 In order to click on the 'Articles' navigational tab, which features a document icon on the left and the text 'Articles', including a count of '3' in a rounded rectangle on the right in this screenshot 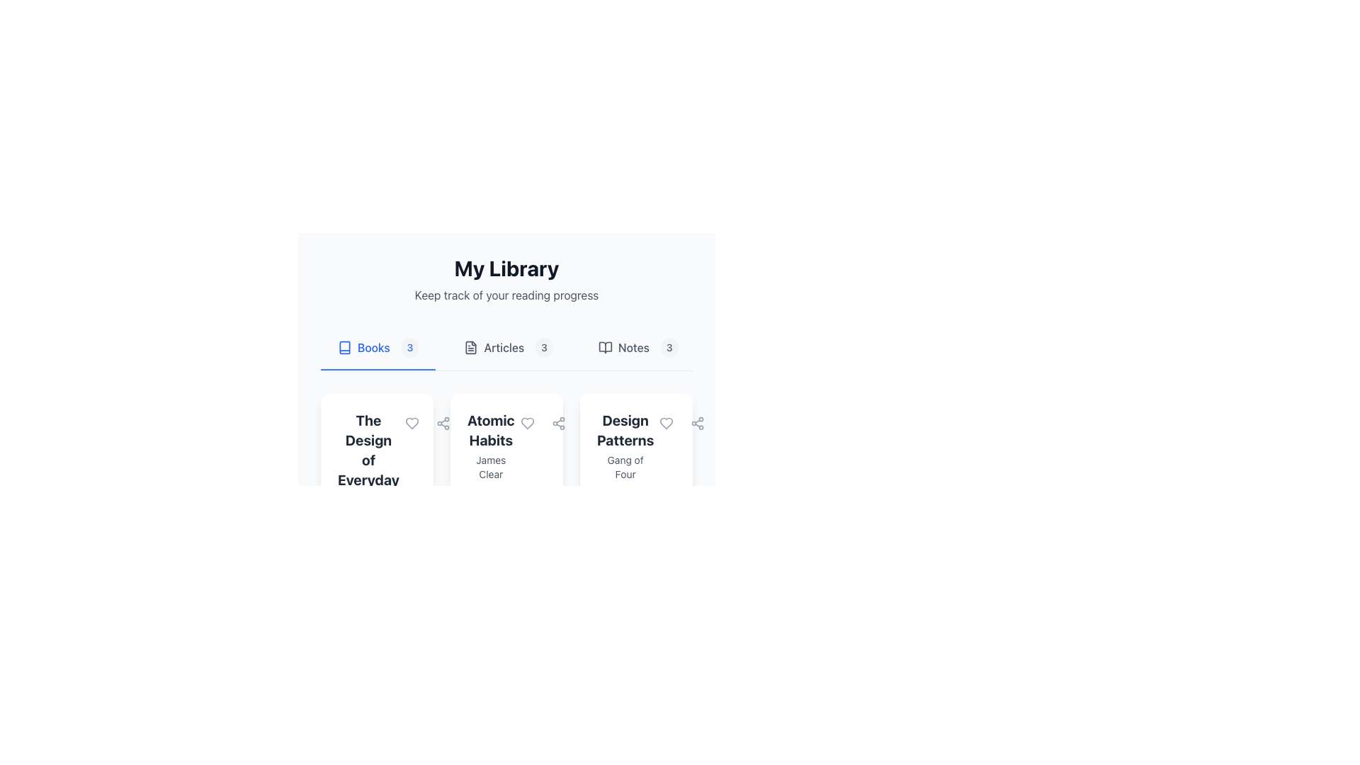, I will do `click(509, 348)`.